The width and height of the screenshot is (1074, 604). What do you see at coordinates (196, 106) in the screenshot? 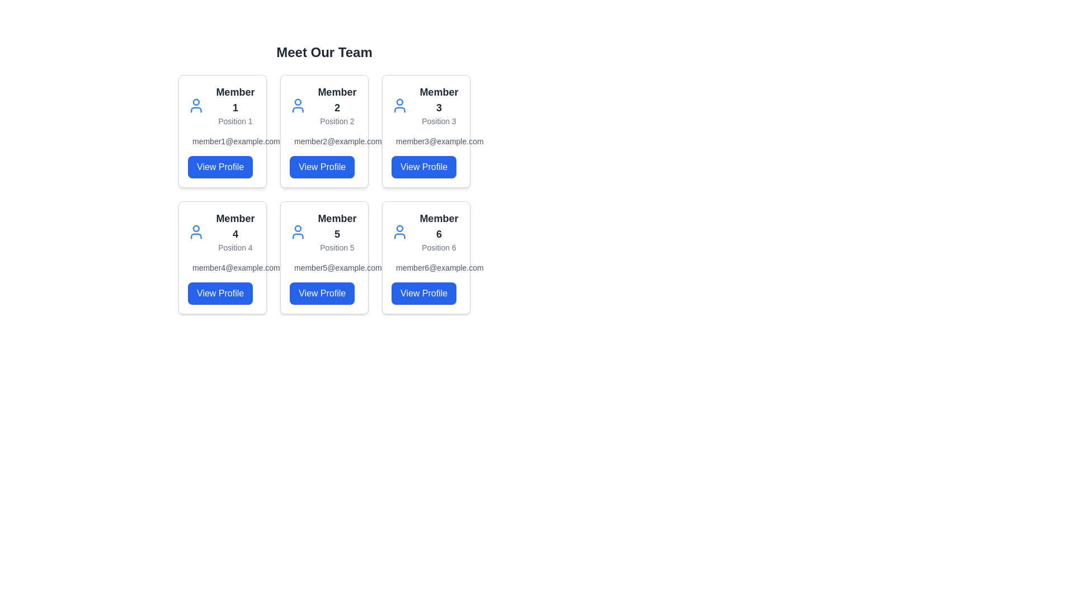
I see `the user icon, which is a blue outline style representation of a human figure, located in the upper-left card above the text 'Member 1' and 'Position 1'` at bounding box center [196, 106].